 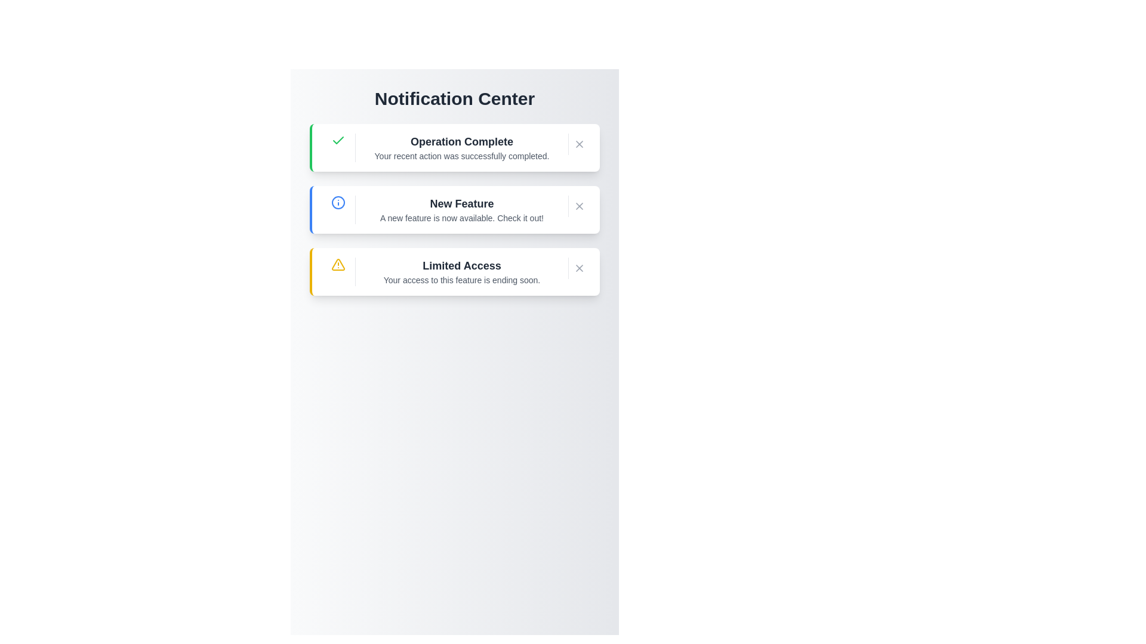 I want to click on text content of the bold and large 'Limited Access' text block located in the third row of the Notification Center, so click(x=461, y=265).